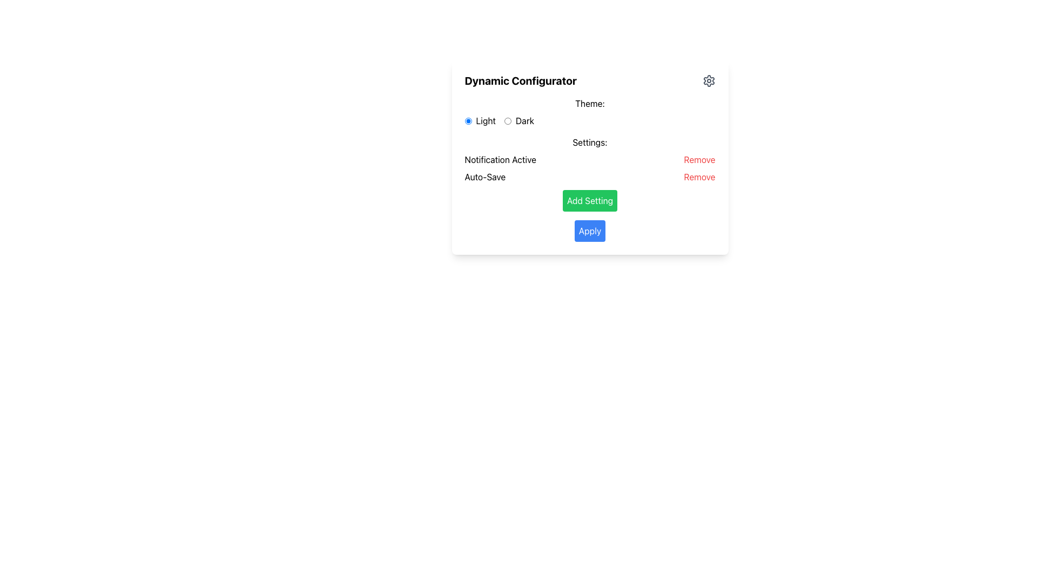  What do you see at coordinates (709, 80) in the screenshot?
I see `the Settings icon located in the top-right corner of the 'Dynamic Configurator' interface` at bounding box center [709, 80].